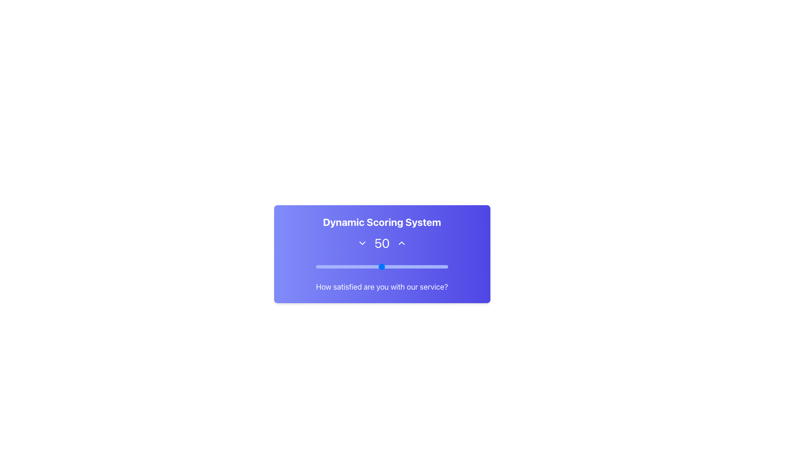  What do you see at coordinates (381, 221) in the screenshot?
I see `text of the title label centered above the numeric display in the card-like interface` at bounding box center [381, 221].